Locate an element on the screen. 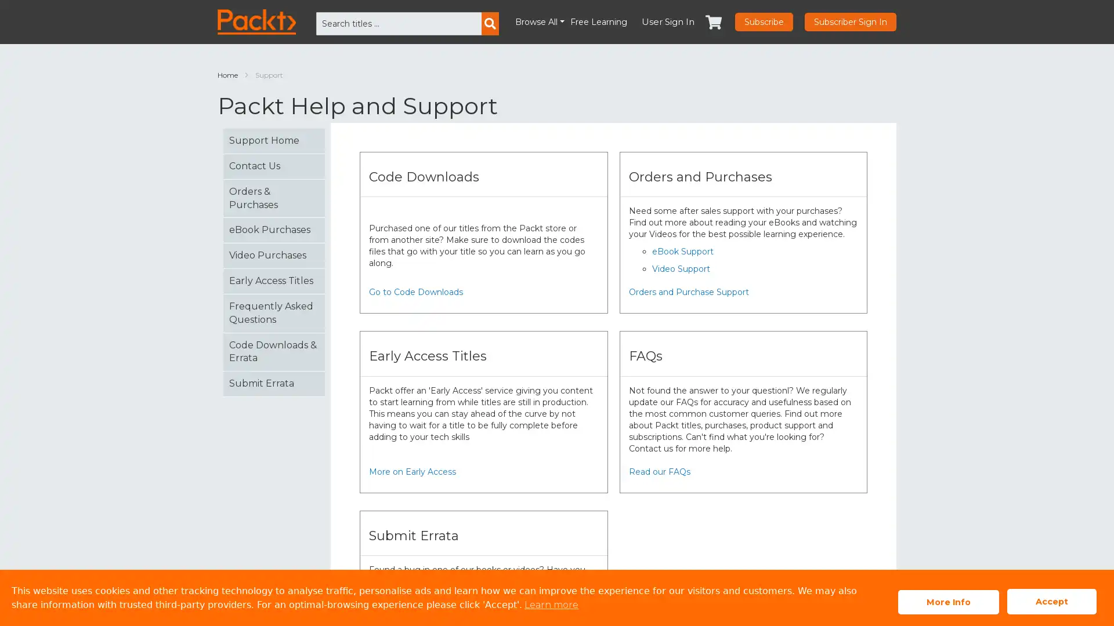 This screenshot has width=1114, height=626. Search is located at coordinates (490, 24).